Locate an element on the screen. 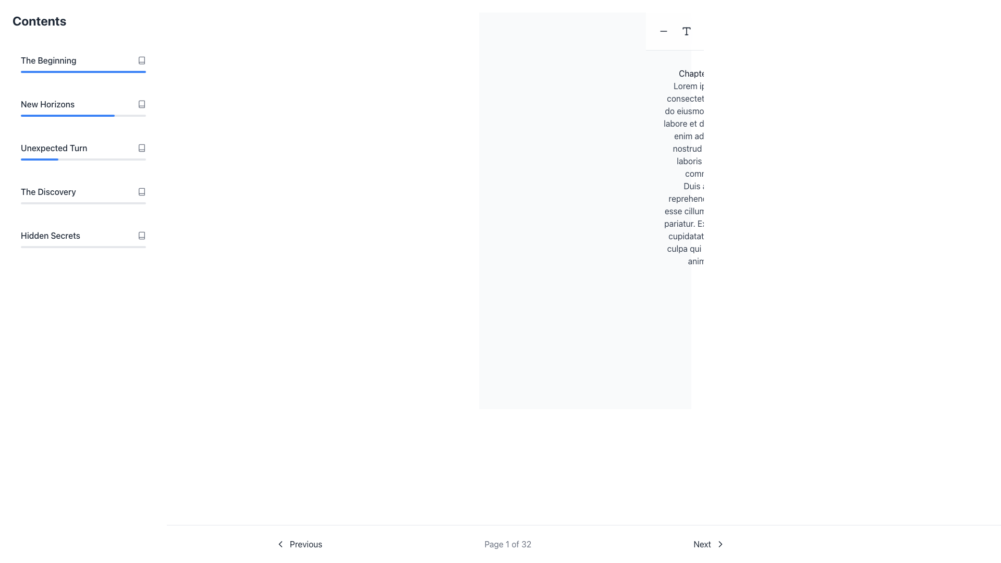 The width and height of the screenshot is (1001, 563). the Decorative SVG icon resembling a closed book, located adjacent to the text 'New Horizons' in the sidebar navigation menu is located at coordinates (141, 104).